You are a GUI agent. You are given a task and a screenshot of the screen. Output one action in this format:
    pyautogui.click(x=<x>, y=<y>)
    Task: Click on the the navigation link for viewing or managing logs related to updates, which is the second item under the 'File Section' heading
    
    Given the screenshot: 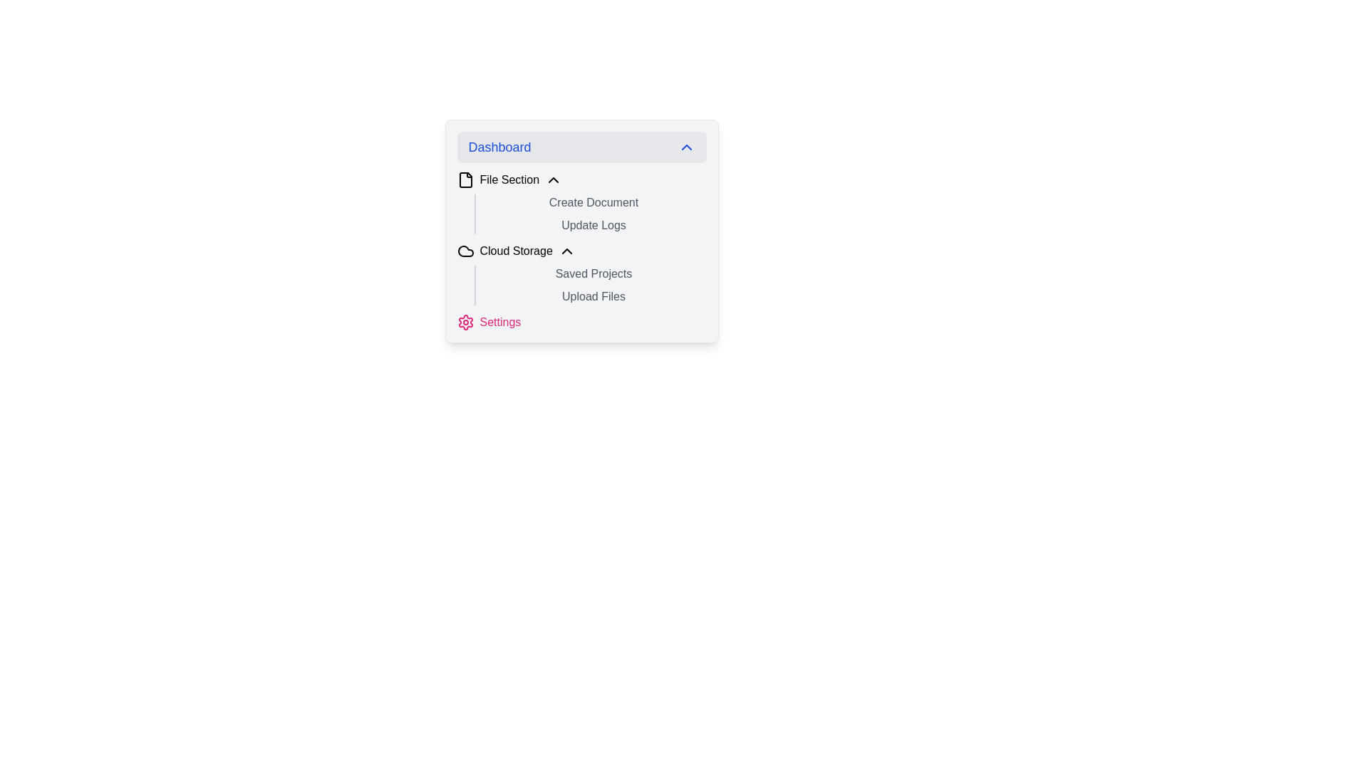 What is the action you would take?
    pyautogui.click(x=591, y=224)
    